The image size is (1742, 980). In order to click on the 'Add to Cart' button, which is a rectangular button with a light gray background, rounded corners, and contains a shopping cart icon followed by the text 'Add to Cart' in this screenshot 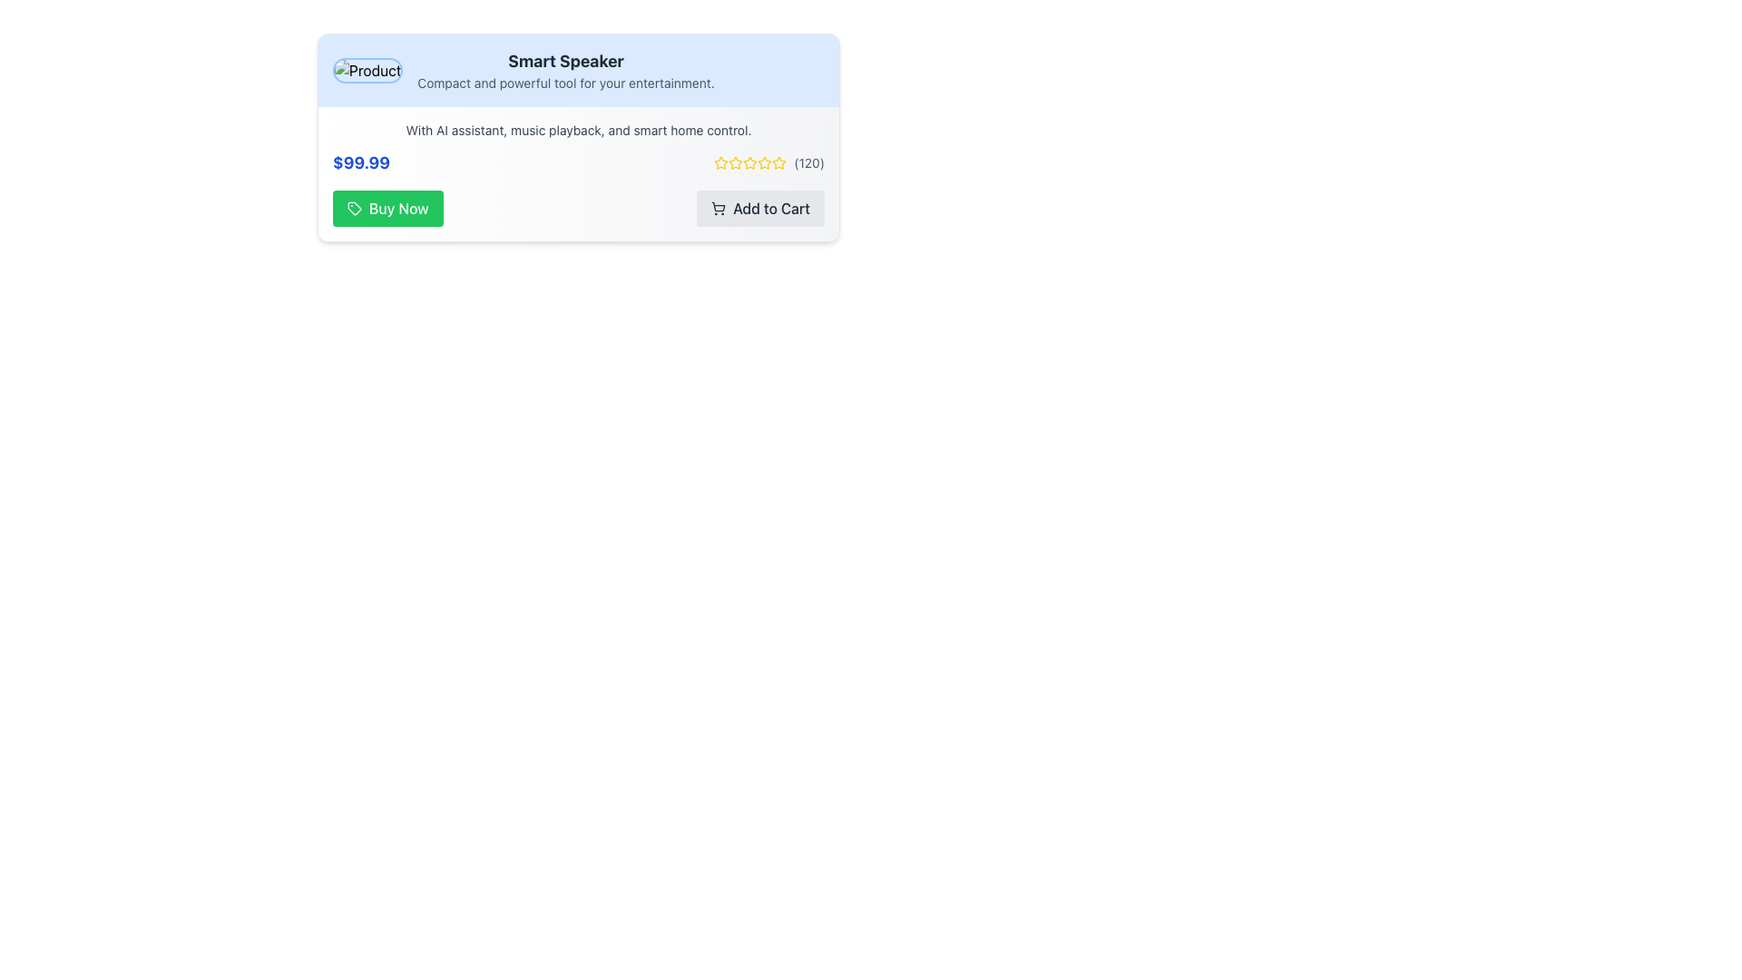, I will do `click(760, 208)`.